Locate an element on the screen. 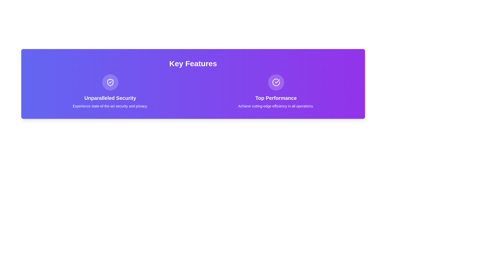 Image resolution: width=486 pixels, height=273 pixels. the circular icon representing the 'Top Performance' feature, which is centrally located in the purple section above its title and description is located at coordinates (276, 82).